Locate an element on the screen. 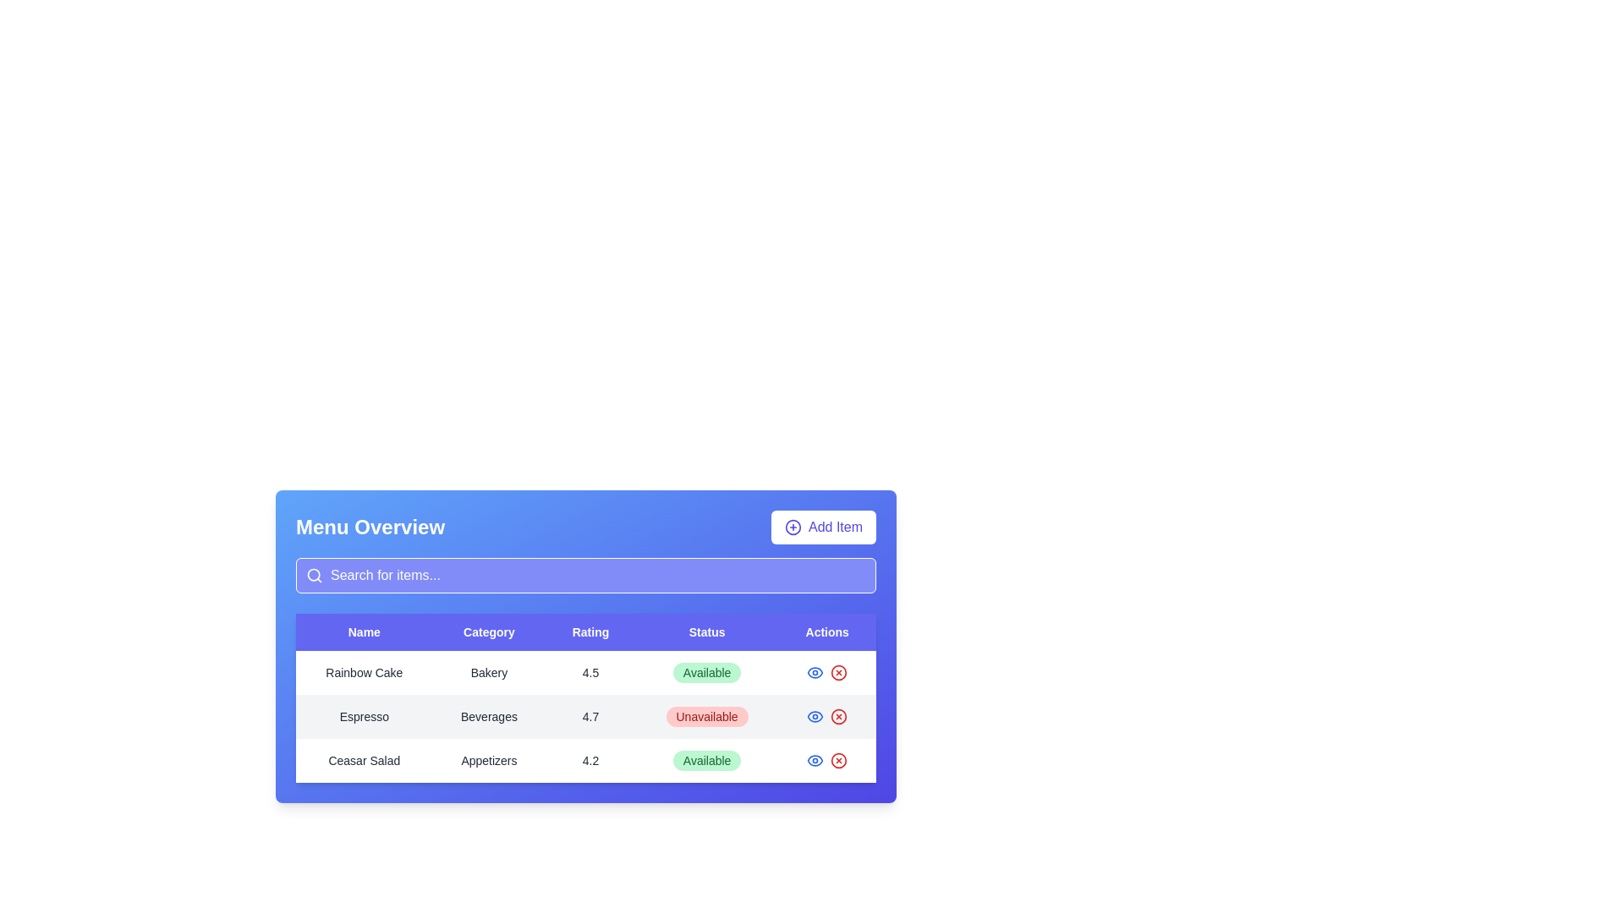  the search icon located in the top-left corner of the 'Menu Overview' section, which serves as a visual cue for the search functionality is located at coordinates (315, 575).